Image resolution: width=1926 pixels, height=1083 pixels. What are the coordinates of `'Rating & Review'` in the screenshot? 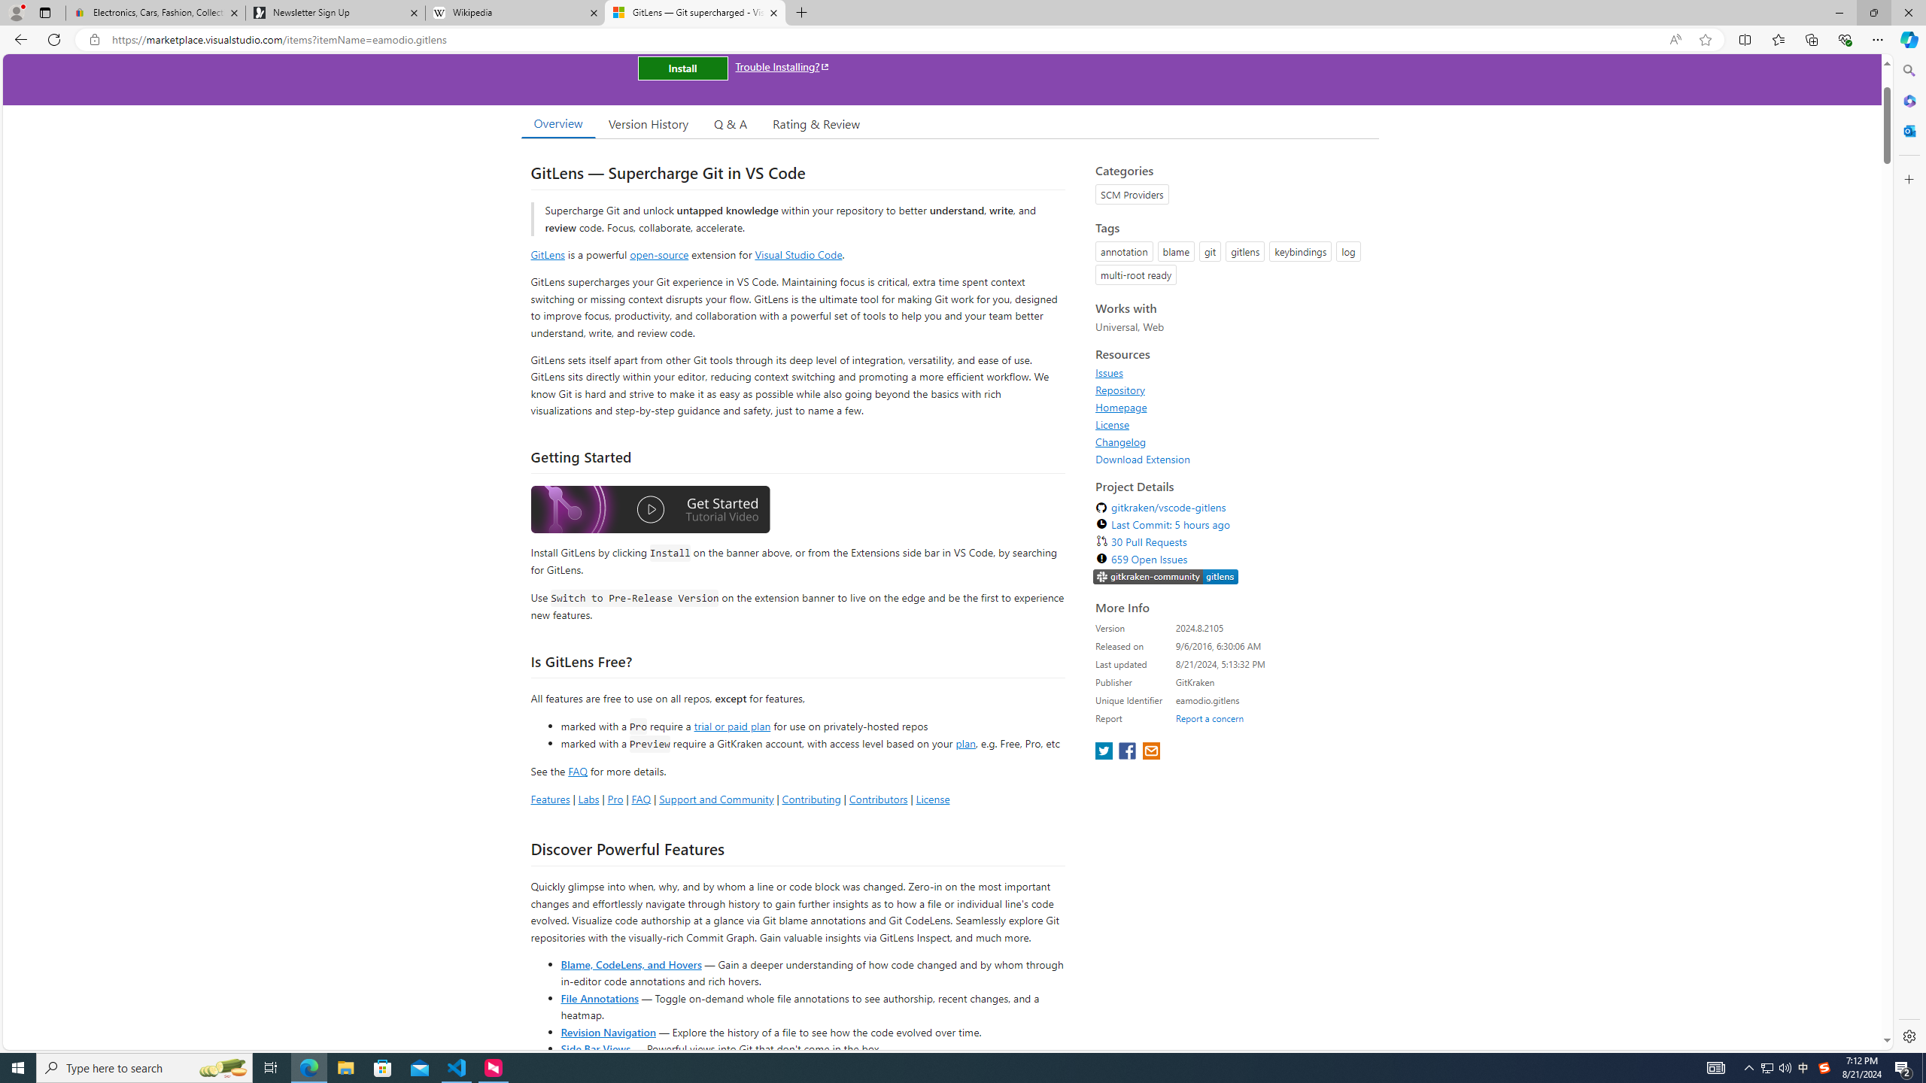 It's located at (816, 123).